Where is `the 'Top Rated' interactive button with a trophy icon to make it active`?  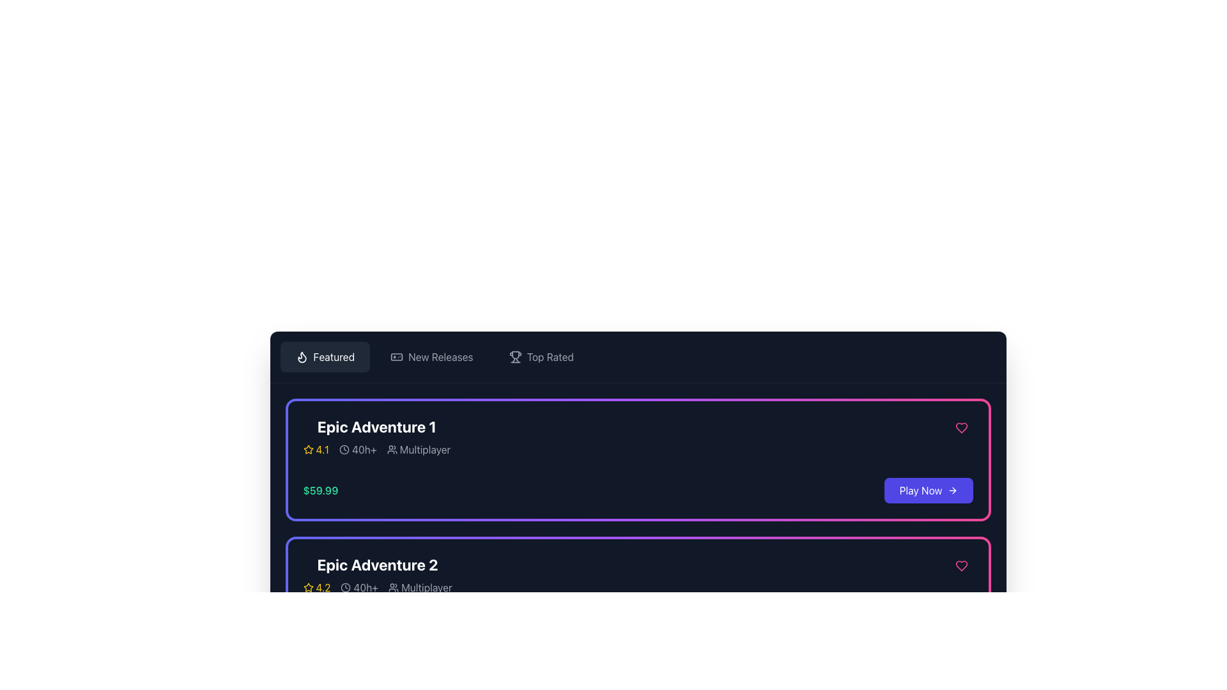 the 'Top Rated' interactive button with a trophy icon to make it active is located at coordinates (541, 357).